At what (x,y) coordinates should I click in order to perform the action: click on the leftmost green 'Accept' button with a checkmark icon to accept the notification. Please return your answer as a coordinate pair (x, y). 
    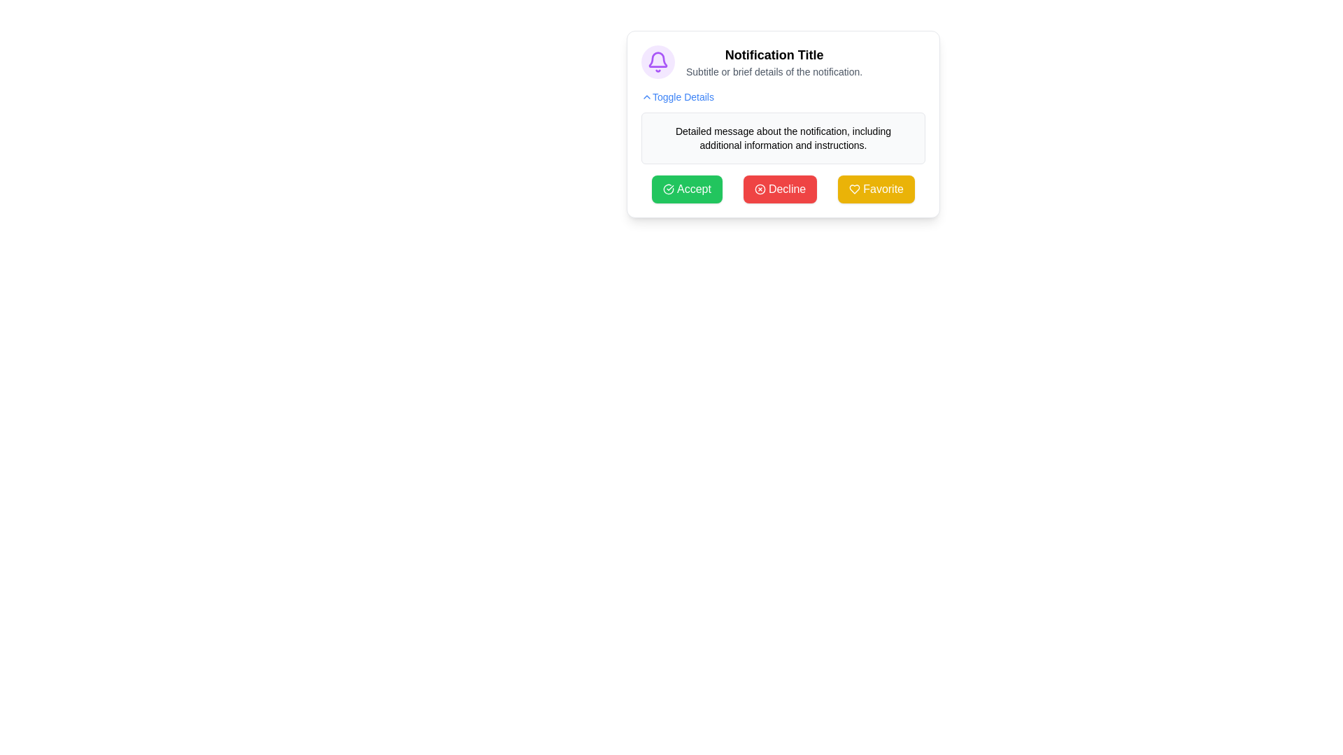
    Looking at the image, I should click on (687, 189).